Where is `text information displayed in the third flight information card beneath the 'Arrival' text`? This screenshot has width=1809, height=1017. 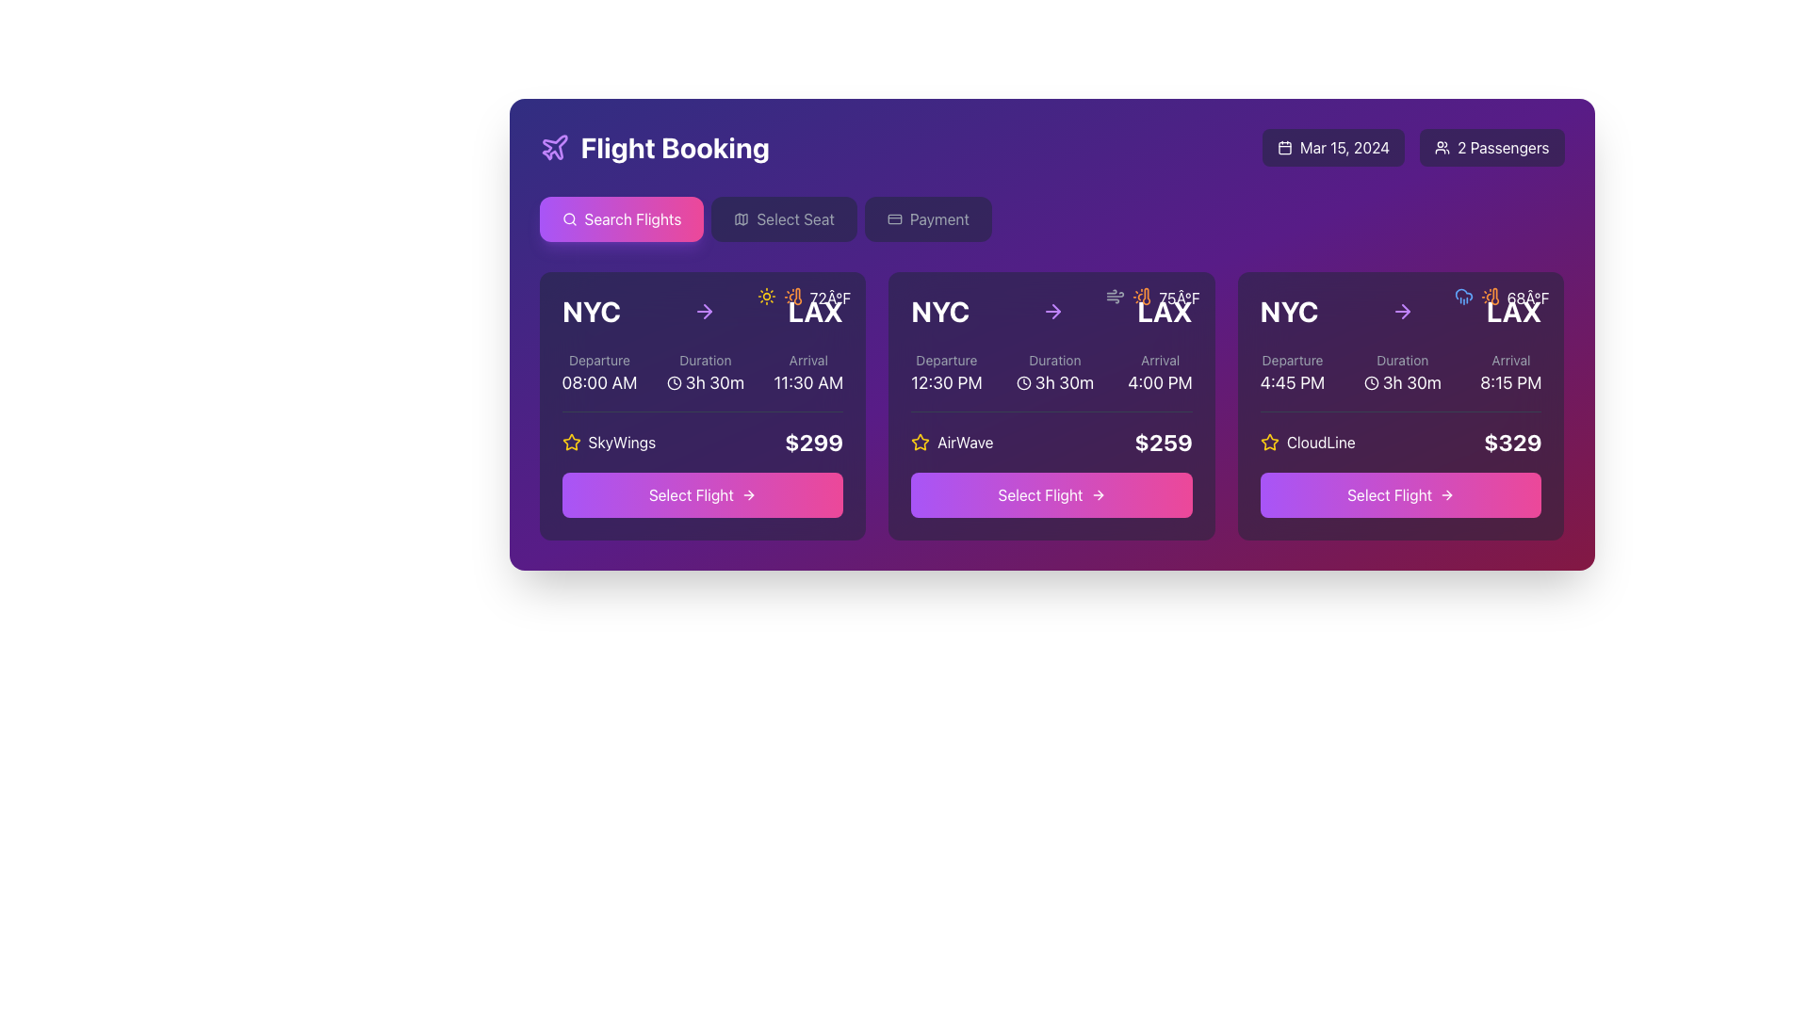 text information displayed in the third flight information card beneath the 'Arrival' text is located at coordinates (1159, 374).